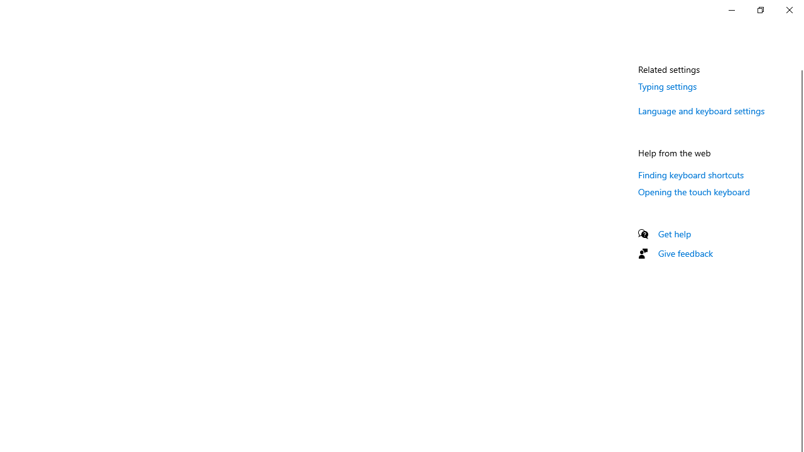 The image size is (804, 452). Describe the element at coordinates (798, 65) in the screenshot. I see `'Vertical Small Decrease'` at that location.